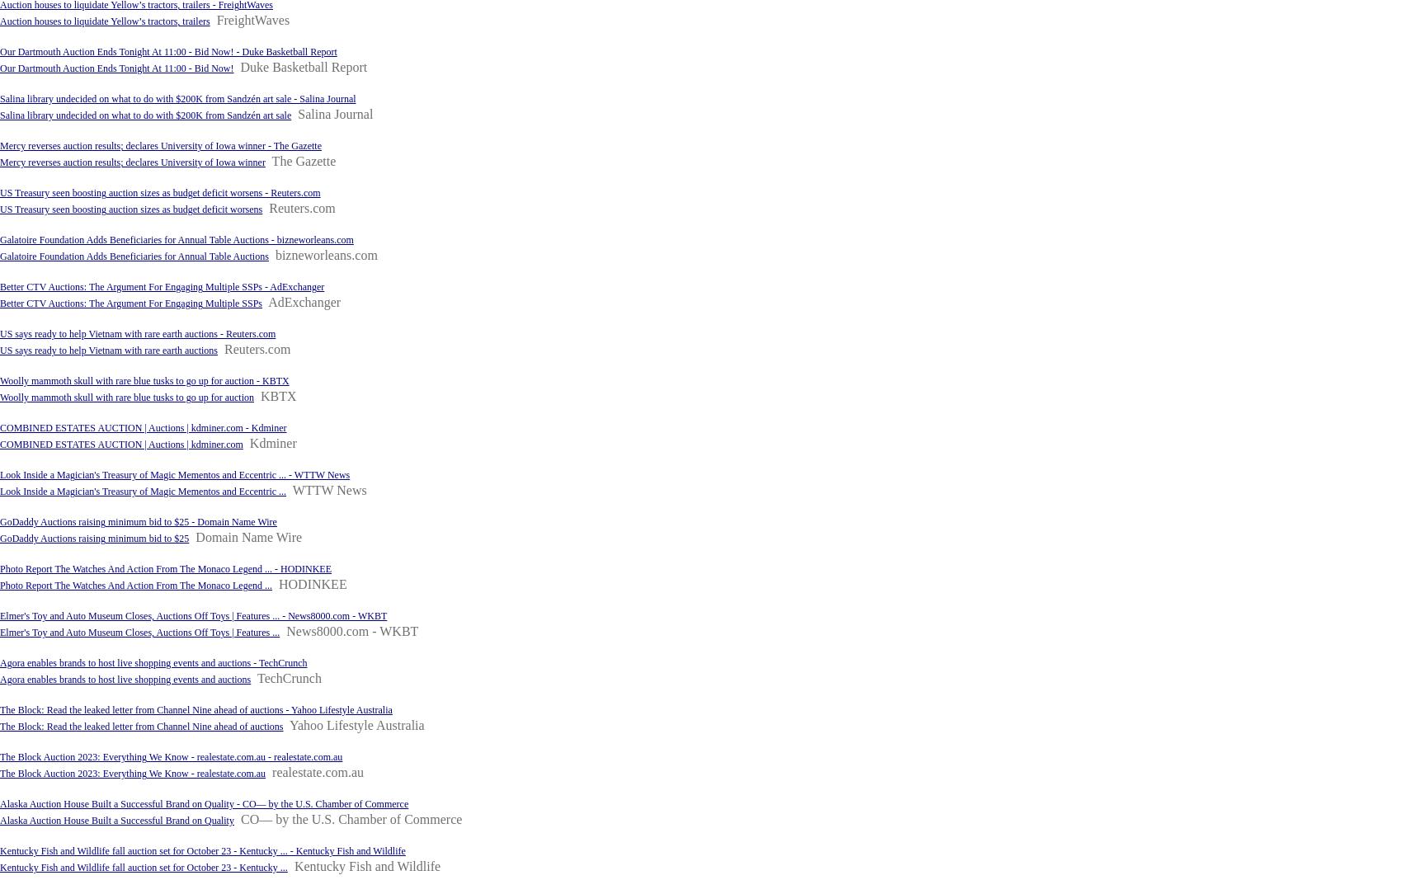 This screenshot has height=880, width=1404. I want to click on 'Salina library undecided on what to do with $200K from Sandzén art sale', so click(144, 114).